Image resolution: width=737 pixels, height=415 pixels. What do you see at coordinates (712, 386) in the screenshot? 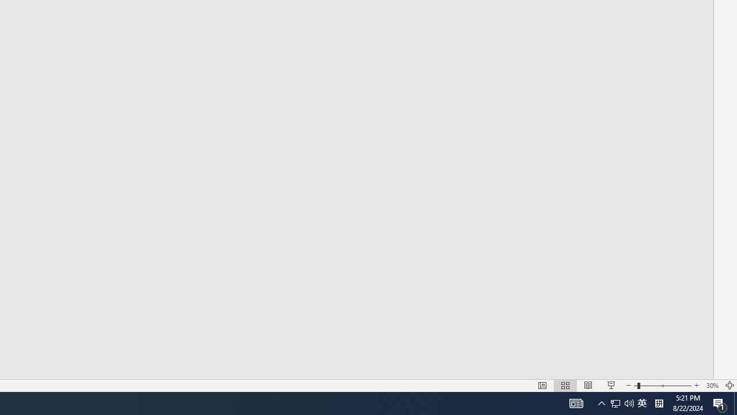
I see `'Zoom 30%'` at bounding box center [712, 386].